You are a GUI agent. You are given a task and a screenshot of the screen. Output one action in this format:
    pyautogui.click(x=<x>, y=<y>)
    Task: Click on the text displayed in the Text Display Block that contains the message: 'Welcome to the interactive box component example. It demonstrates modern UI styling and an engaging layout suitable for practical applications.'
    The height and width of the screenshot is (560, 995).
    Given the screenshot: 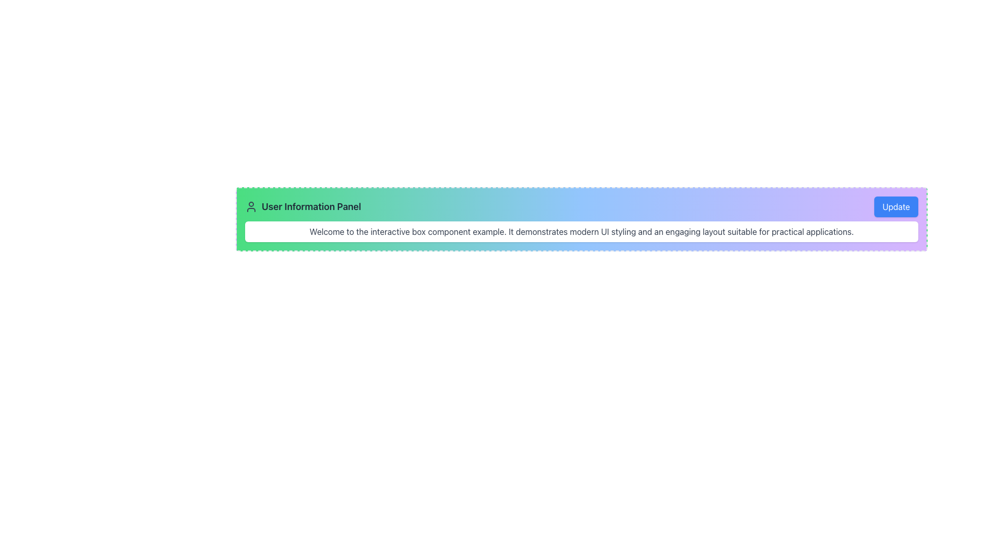 What is the action you would take?
    pyautogui.click(x=581, y=231)
    